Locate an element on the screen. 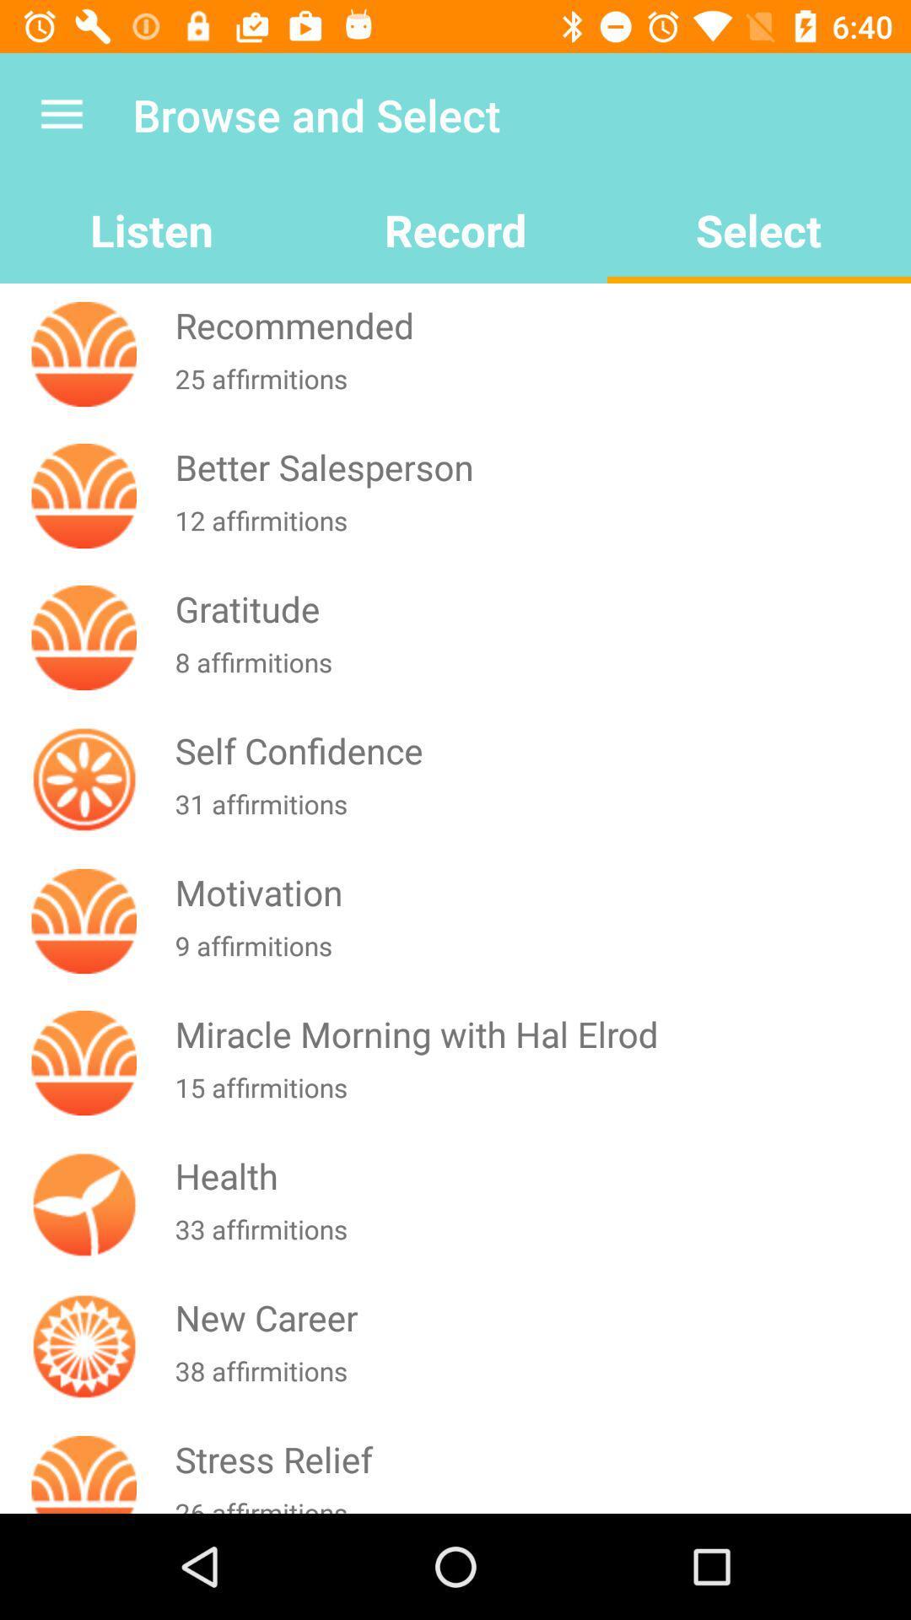 Image resolution: width=911 pixels, height=1620 pixels. the item above the 12 affirmitions icon is located at coordinates (539, 467).